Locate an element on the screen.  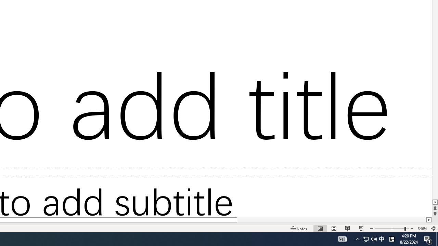
'Normal' is located at coordinates (320, 229).